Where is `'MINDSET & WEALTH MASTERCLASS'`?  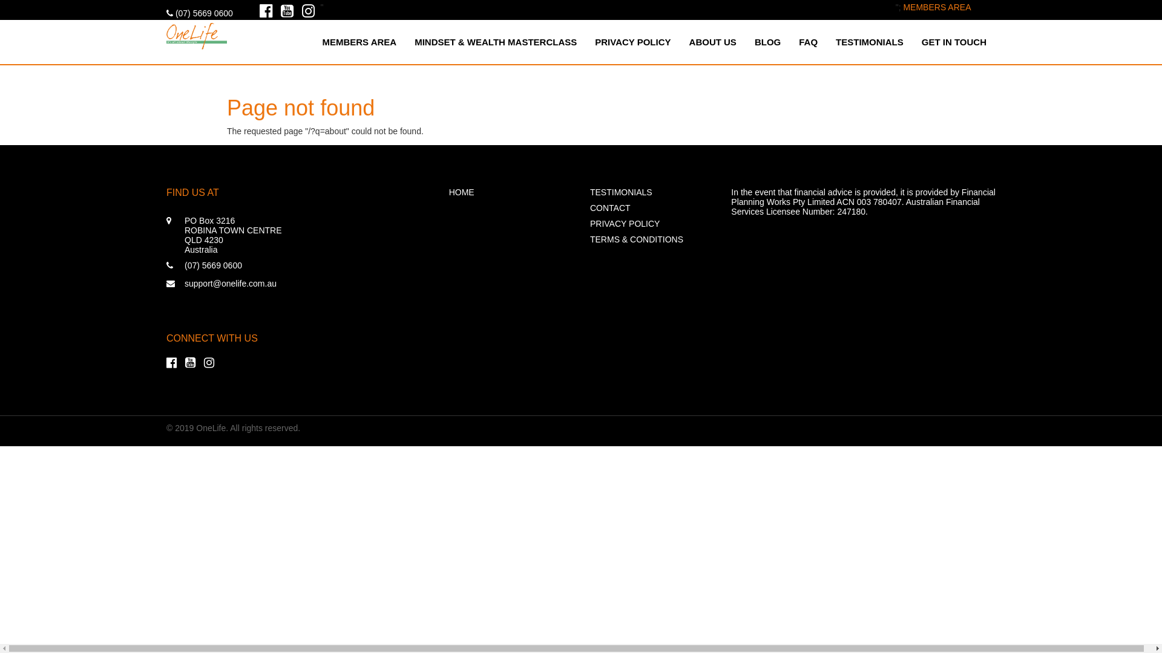 'MINDSET & WEALTH MASTERCLASS' is located at coordinates (405, 41).